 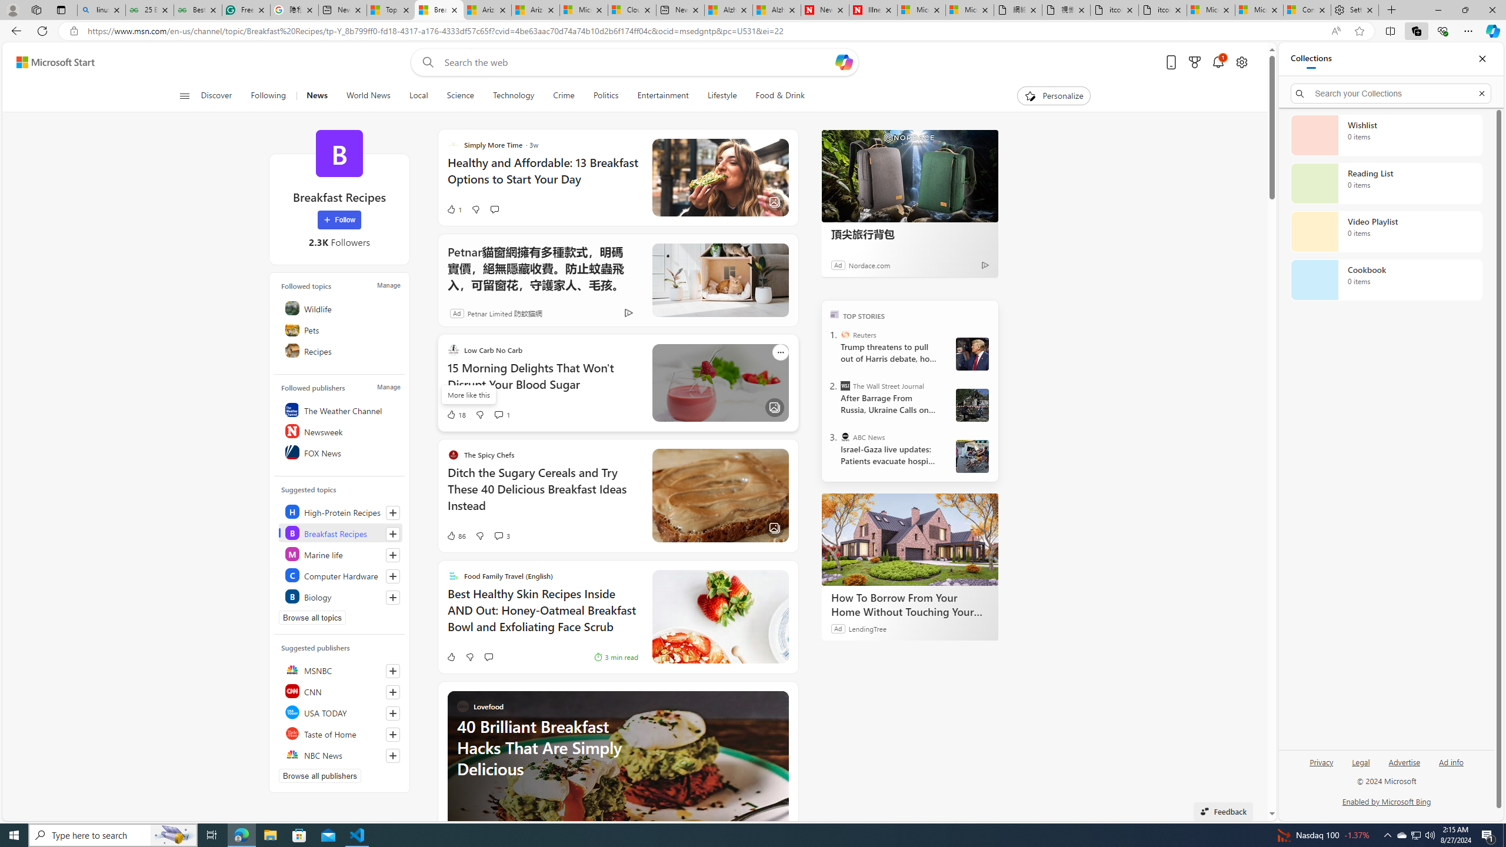 What do you see at coordinates (1307, 9) in the screenshot?
I see `'Consumer Health Data Privacy Policy'` at bounding box center [1307, 9].